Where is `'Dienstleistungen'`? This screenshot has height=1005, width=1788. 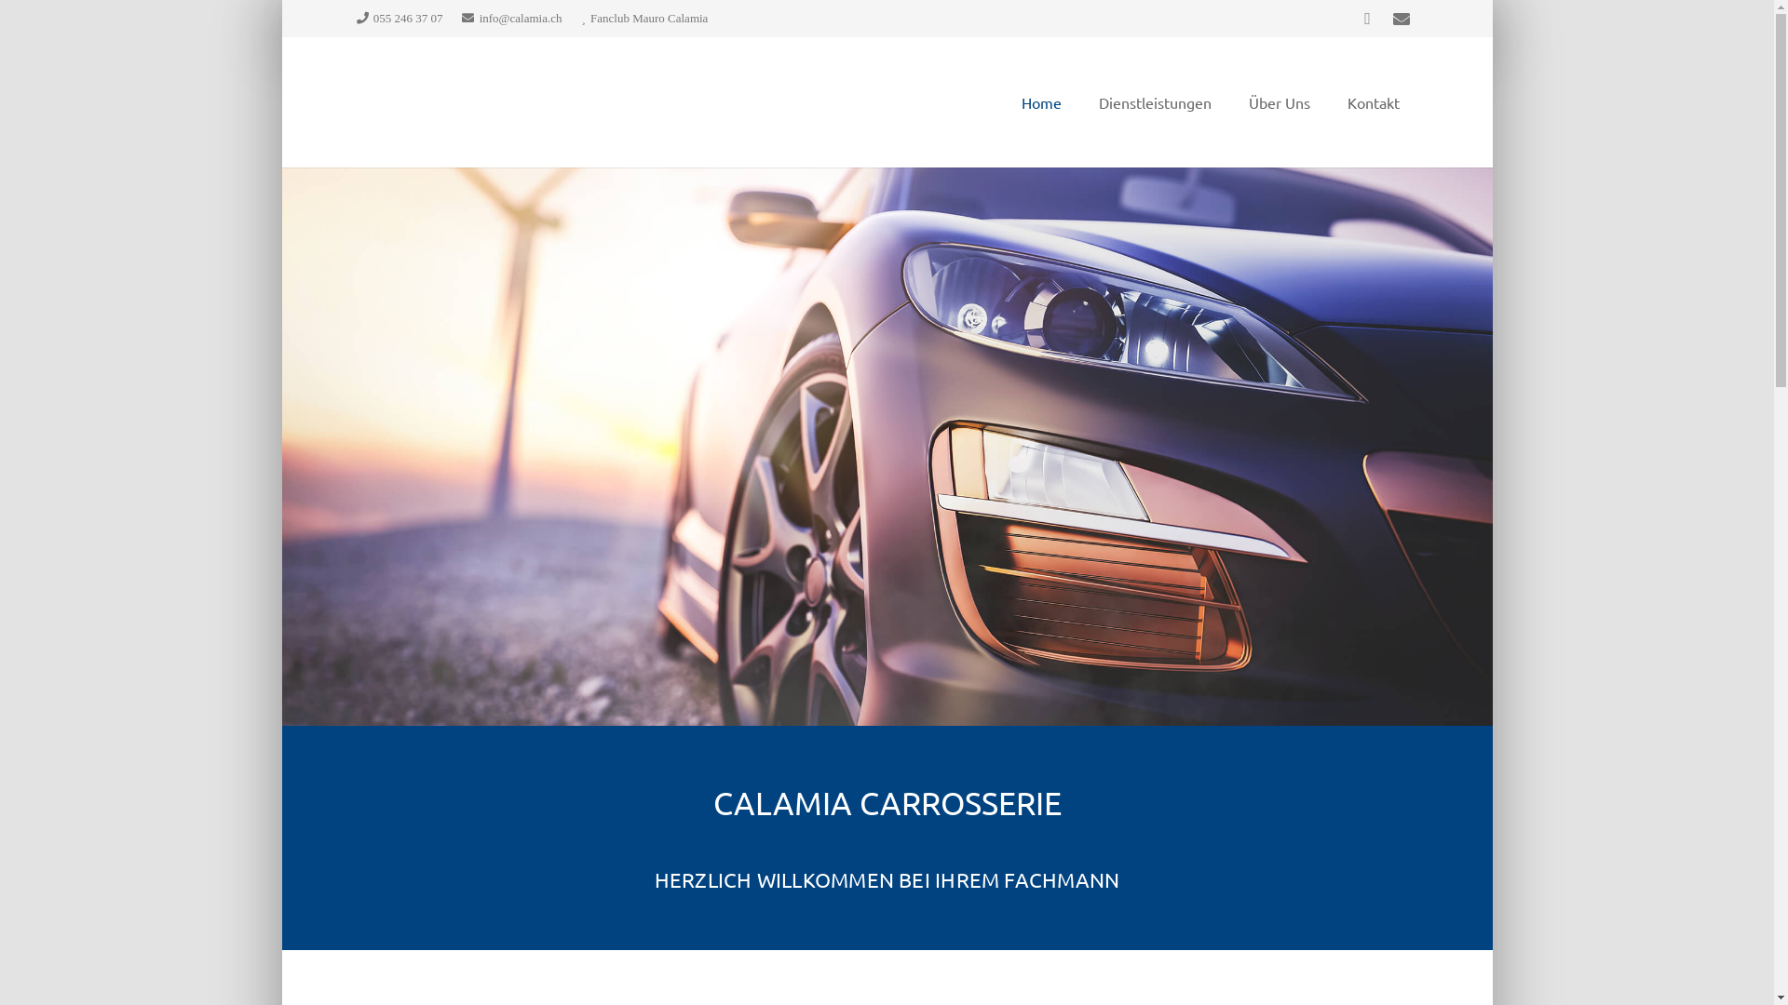 'Dienstleistungen' is located at coordinates (1080, 102).